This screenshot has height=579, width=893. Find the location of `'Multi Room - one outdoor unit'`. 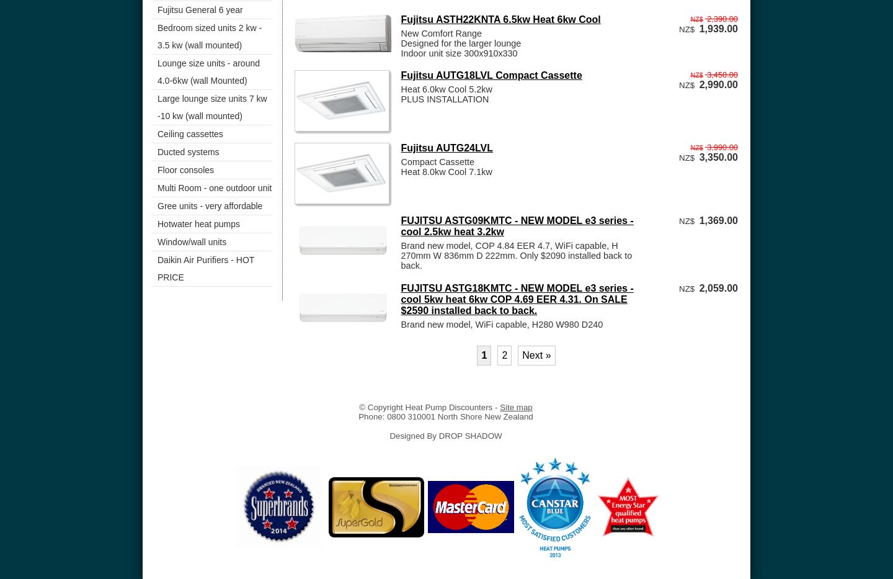

'Multi Room - one outdoor unit' is located at coordinates (157, 188).